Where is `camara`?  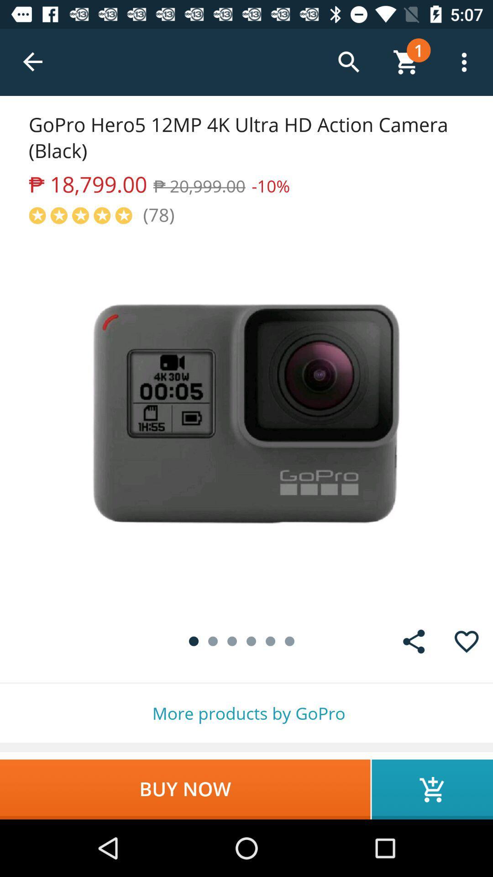 camara is located at coordinates (246, 420).